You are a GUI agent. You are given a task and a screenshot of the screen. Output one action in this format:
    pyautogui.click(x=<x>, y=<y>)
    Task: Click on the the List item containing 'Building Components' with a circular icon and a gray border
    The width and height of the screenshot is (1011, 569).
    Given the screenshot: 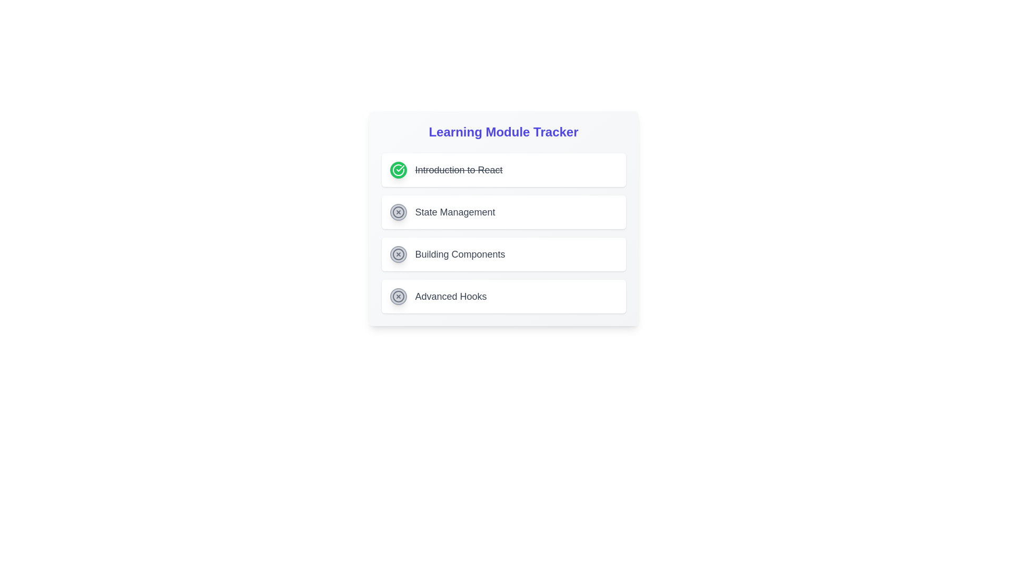 What is the action you would take?
    pyautogui.click(x=503, y=254)
    